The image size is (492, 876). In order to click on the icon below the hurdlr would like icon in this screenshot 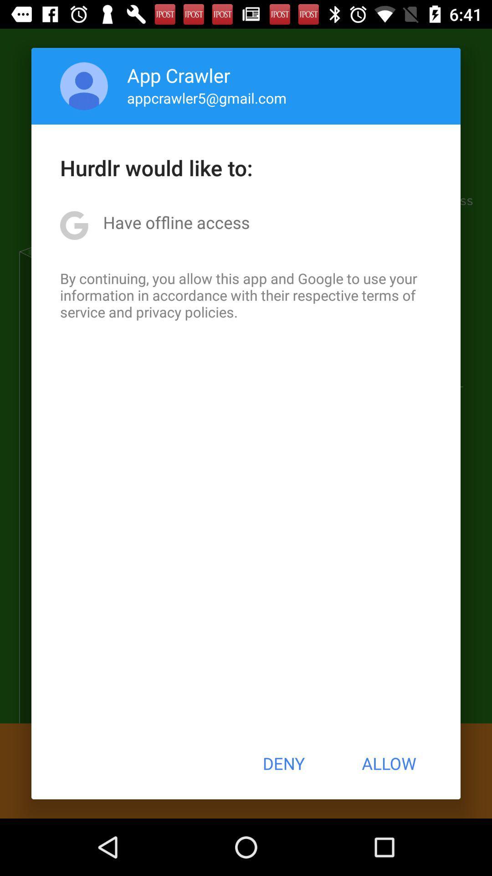, I will do `click(176, 222)`.